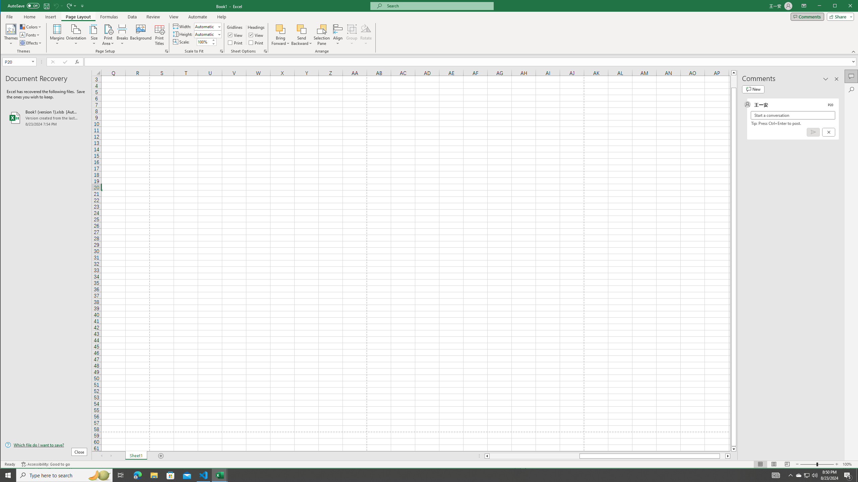  Describe the element at coordinates (8, 475) in the screenshot. I see `'Start'` at that location.